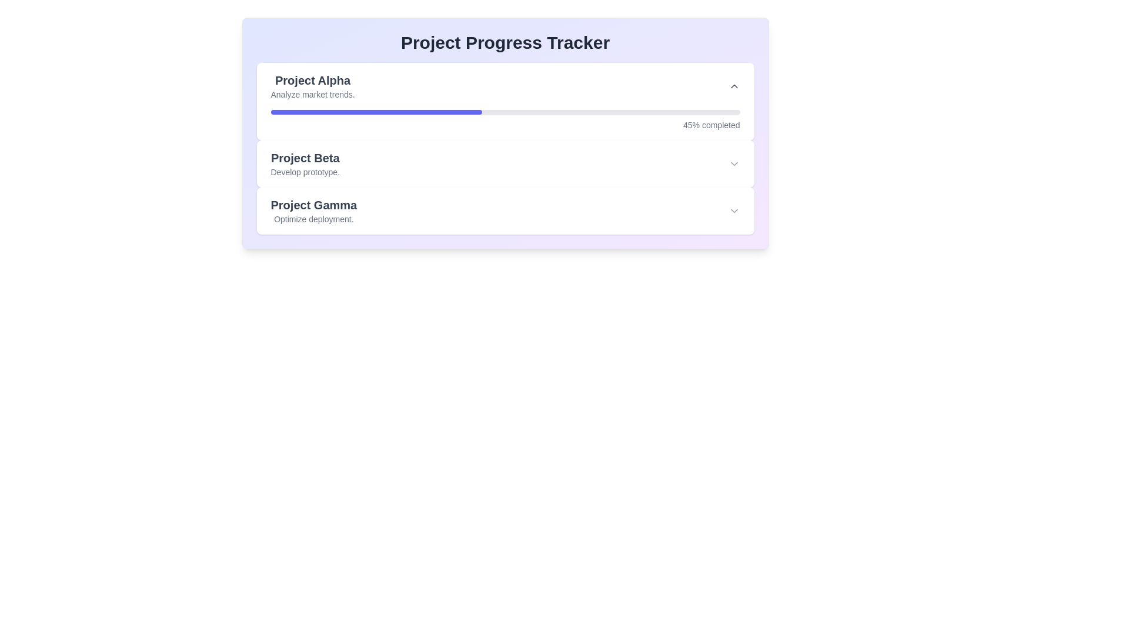 The height and width of the screenshot is (635, 1129). I want to click on the descriptive text label for 'Project Beta' located below the heading, providing additional information about the section, so click(305, 172).